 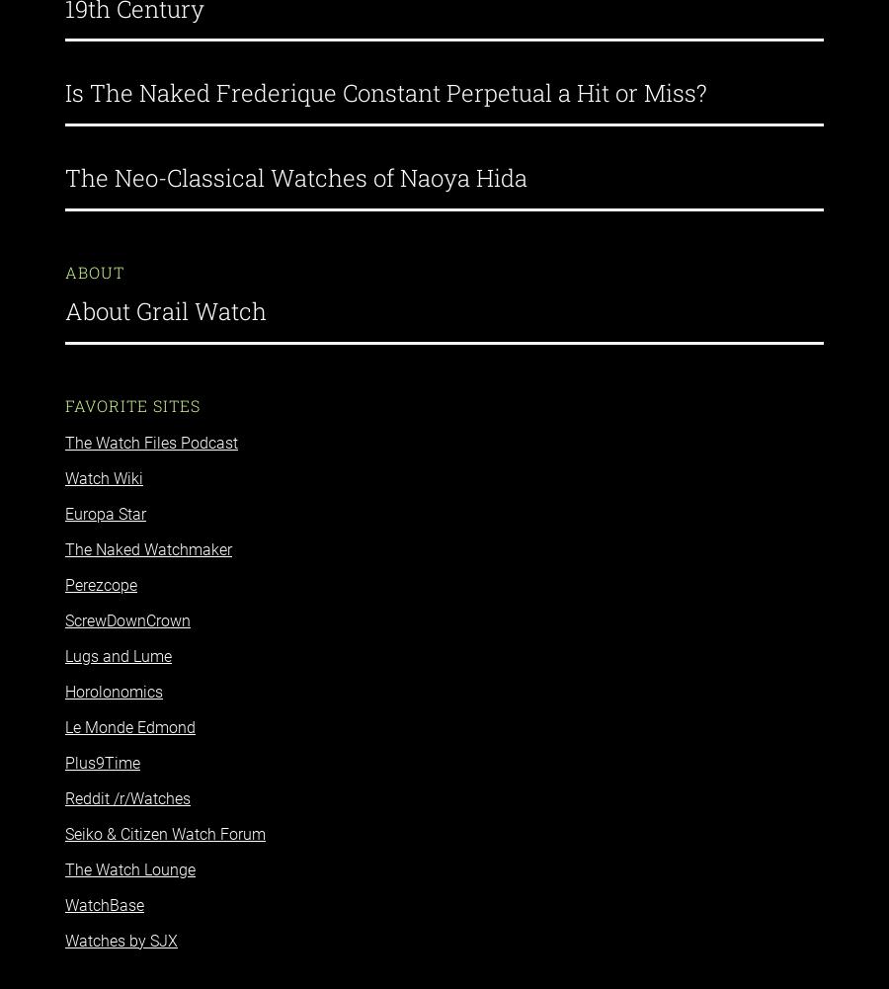 I want to click on 'Lugs and Lume', so click(x=118, y=638).